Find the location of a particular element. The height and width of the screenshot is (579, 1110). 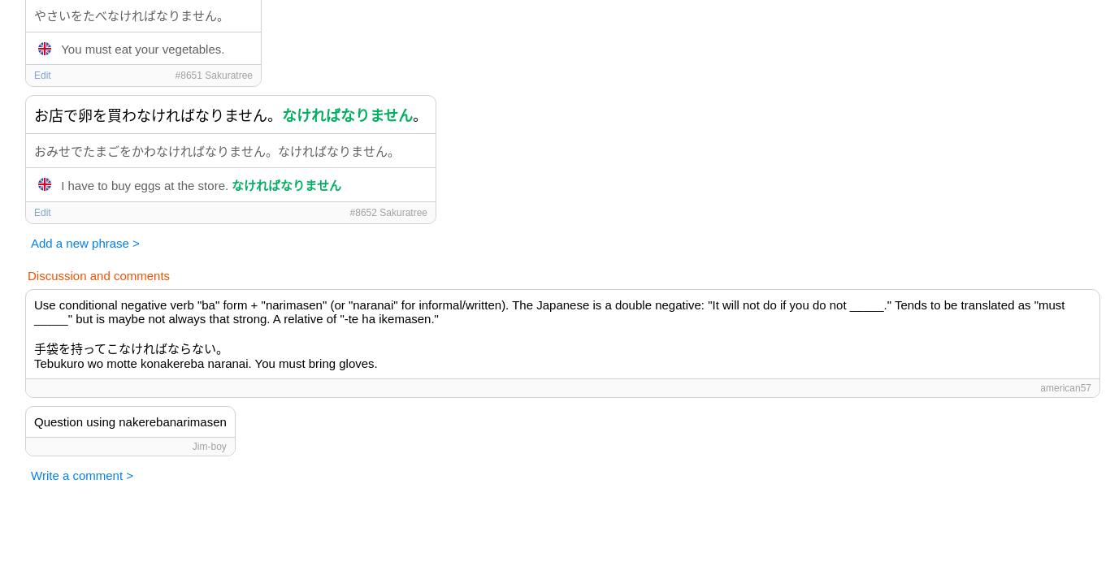

'Tebukuro wo motte konakereba naranai. You must bring gloves.' is located at coordinates (33, 361).